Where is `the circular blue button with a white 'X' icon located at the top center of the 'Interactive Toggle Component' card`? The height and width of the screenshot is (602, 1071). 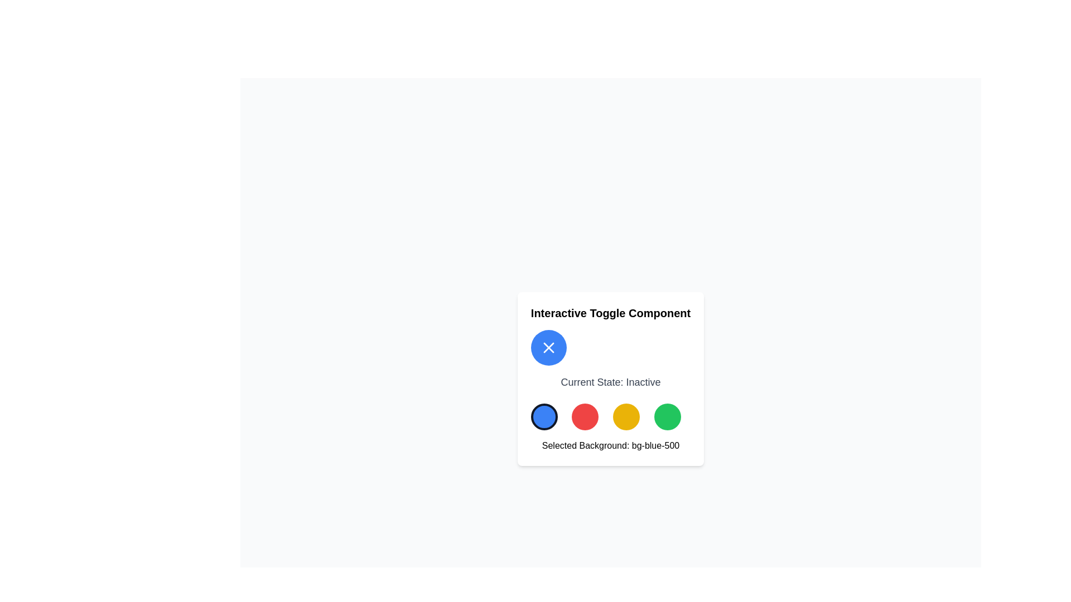 the circular blue button with a white 'X' icon located at the top center of the 'Interactive Toggle Component' card is located at coordinates (548, 347).